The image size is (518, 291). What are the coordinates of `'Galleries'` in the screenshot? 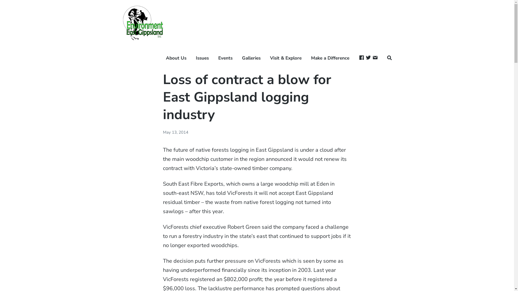 It's located at (251, 58).